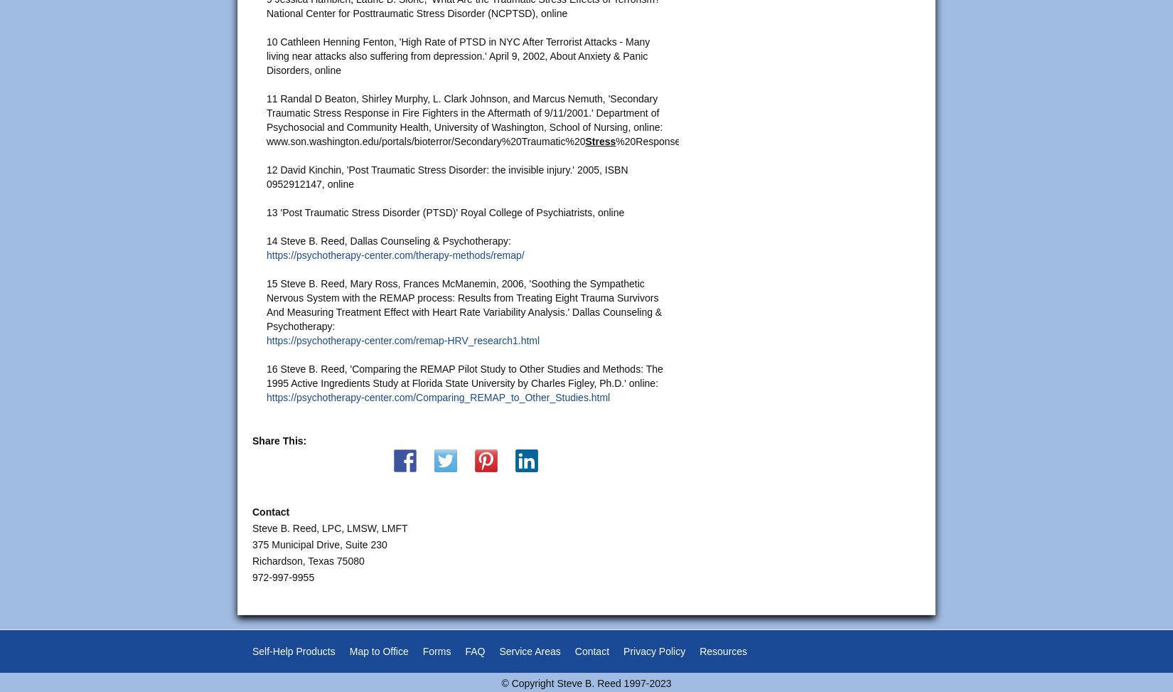 The image size is (1173, 692). I want to click on '© Copyright Steve B. Reed 1997-2023', so click(500, 681).